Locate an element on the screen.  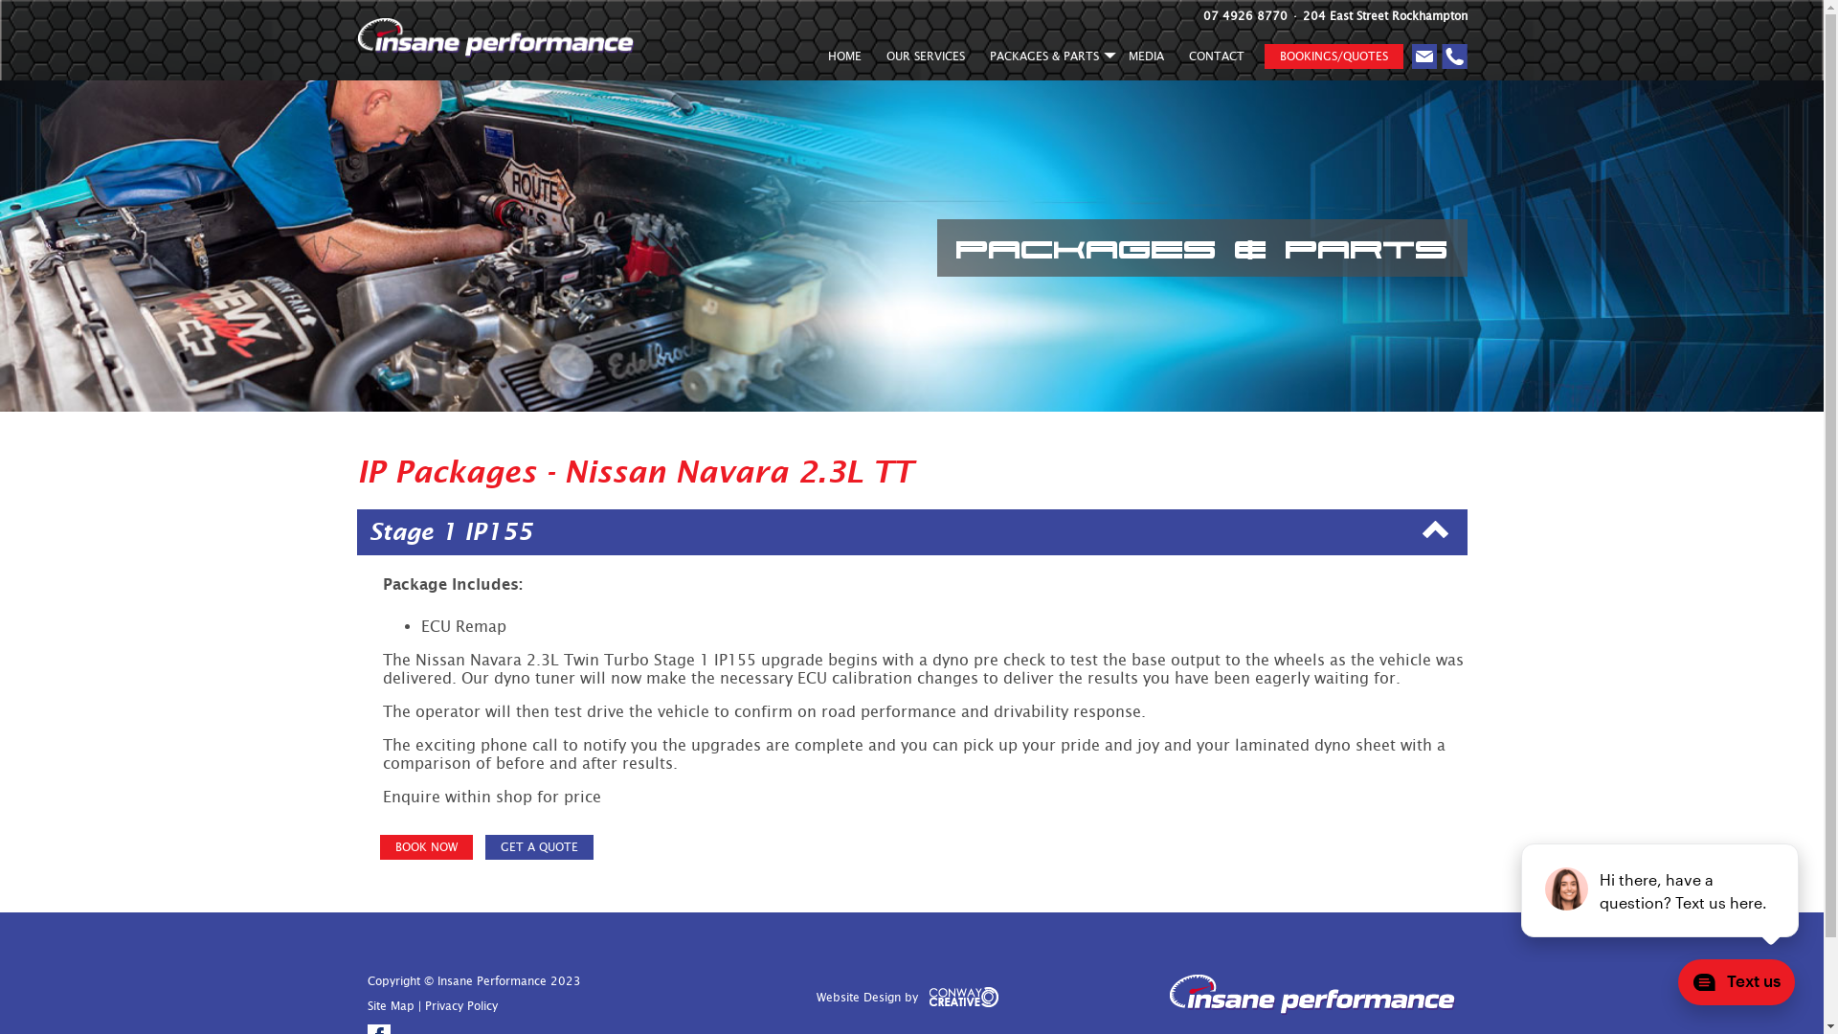
'BOOK NOW' is located at coordinates (424, 845).